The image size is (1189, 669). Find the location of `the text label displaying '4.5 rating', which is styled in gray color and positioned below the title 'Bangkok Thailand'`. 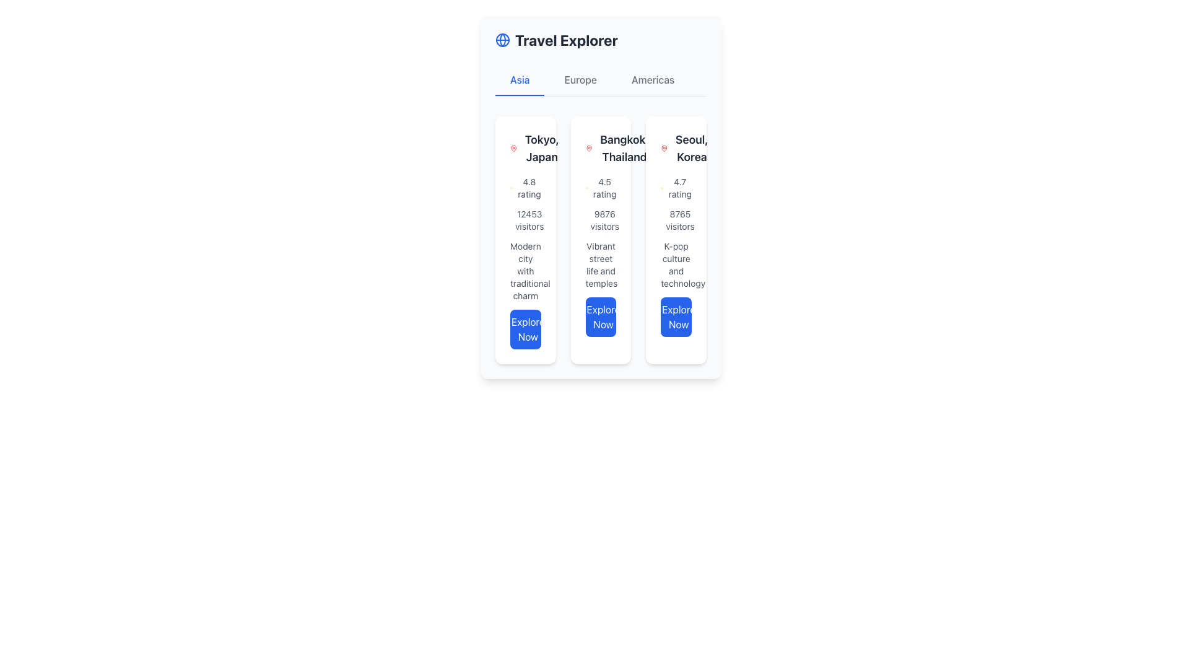

the text label displaying '4.5 rating', which is styled in gray color and positioned below the title 'Bangkok Thailand' is located at coordinates (604, 188).